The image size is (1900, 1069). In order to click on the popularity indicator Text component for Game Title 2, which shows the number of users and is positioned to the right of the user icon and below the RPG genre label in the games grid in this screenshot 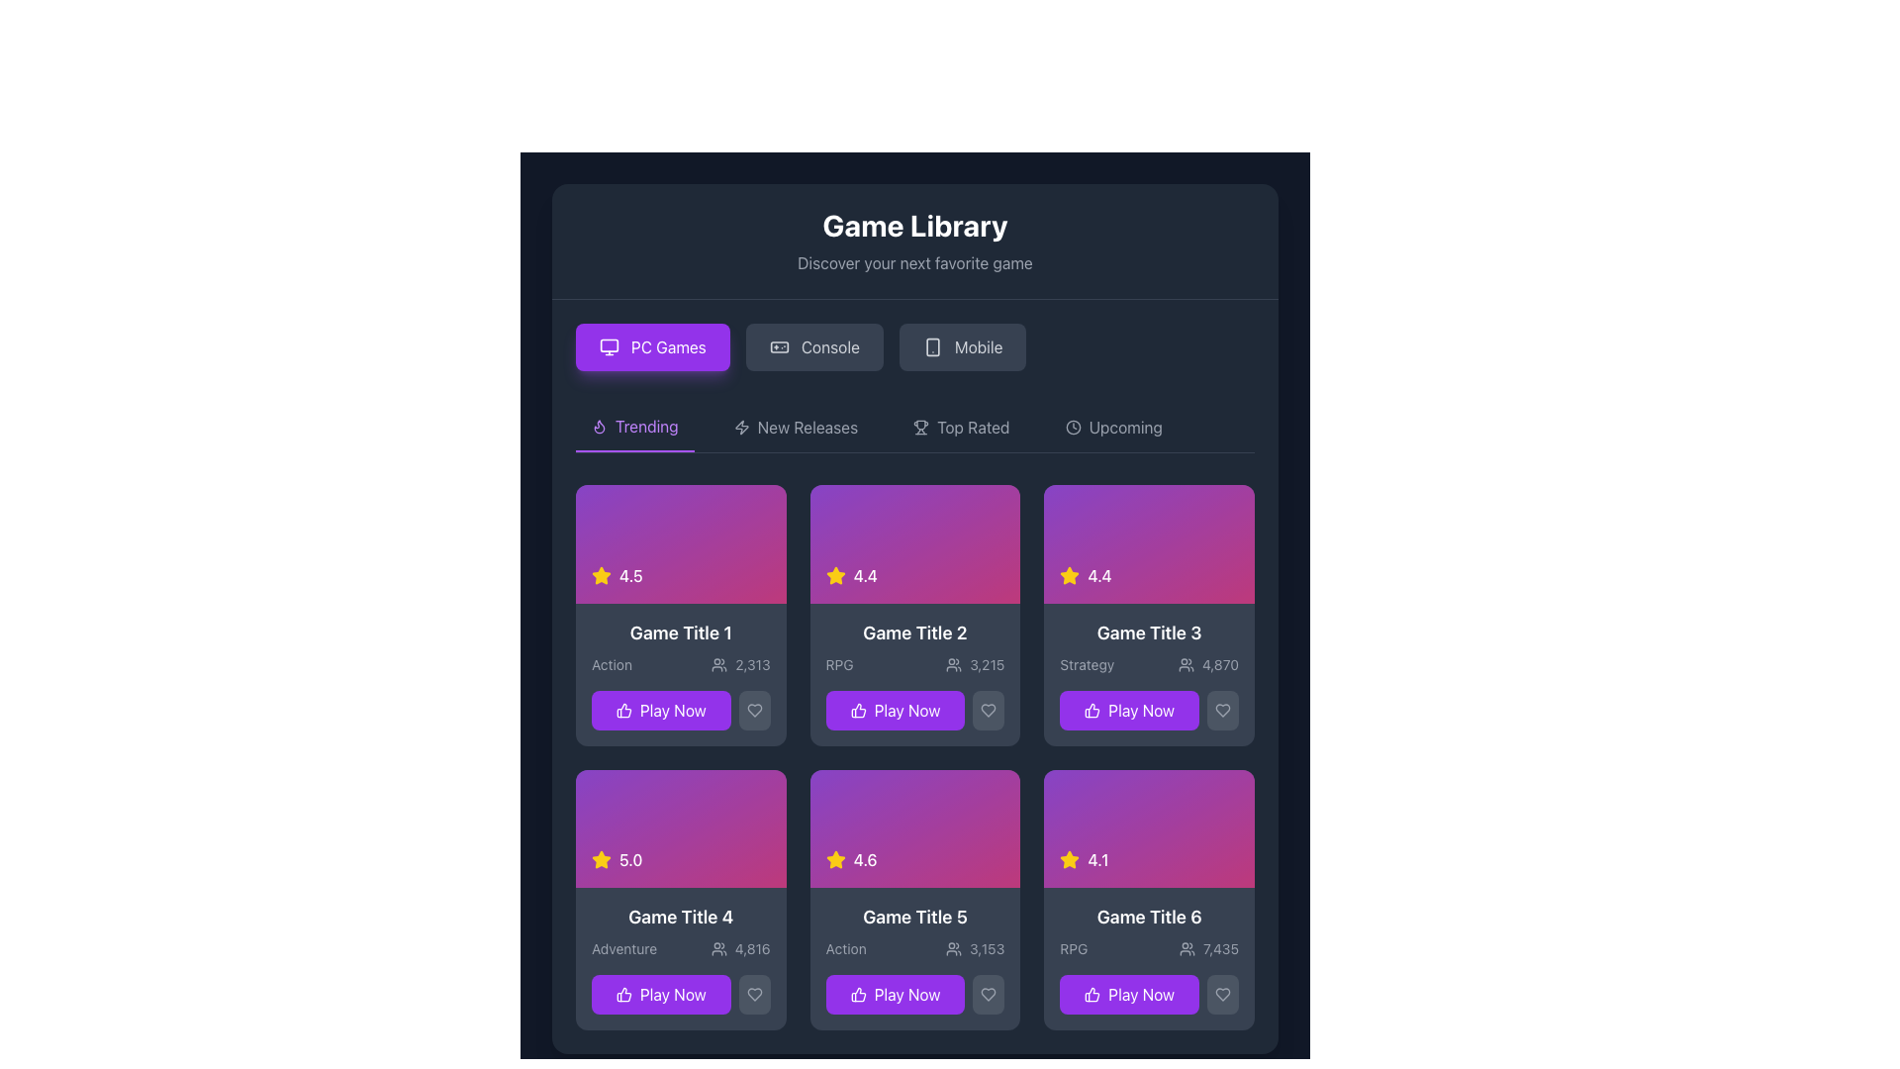, I will do `click(975, 664)`.